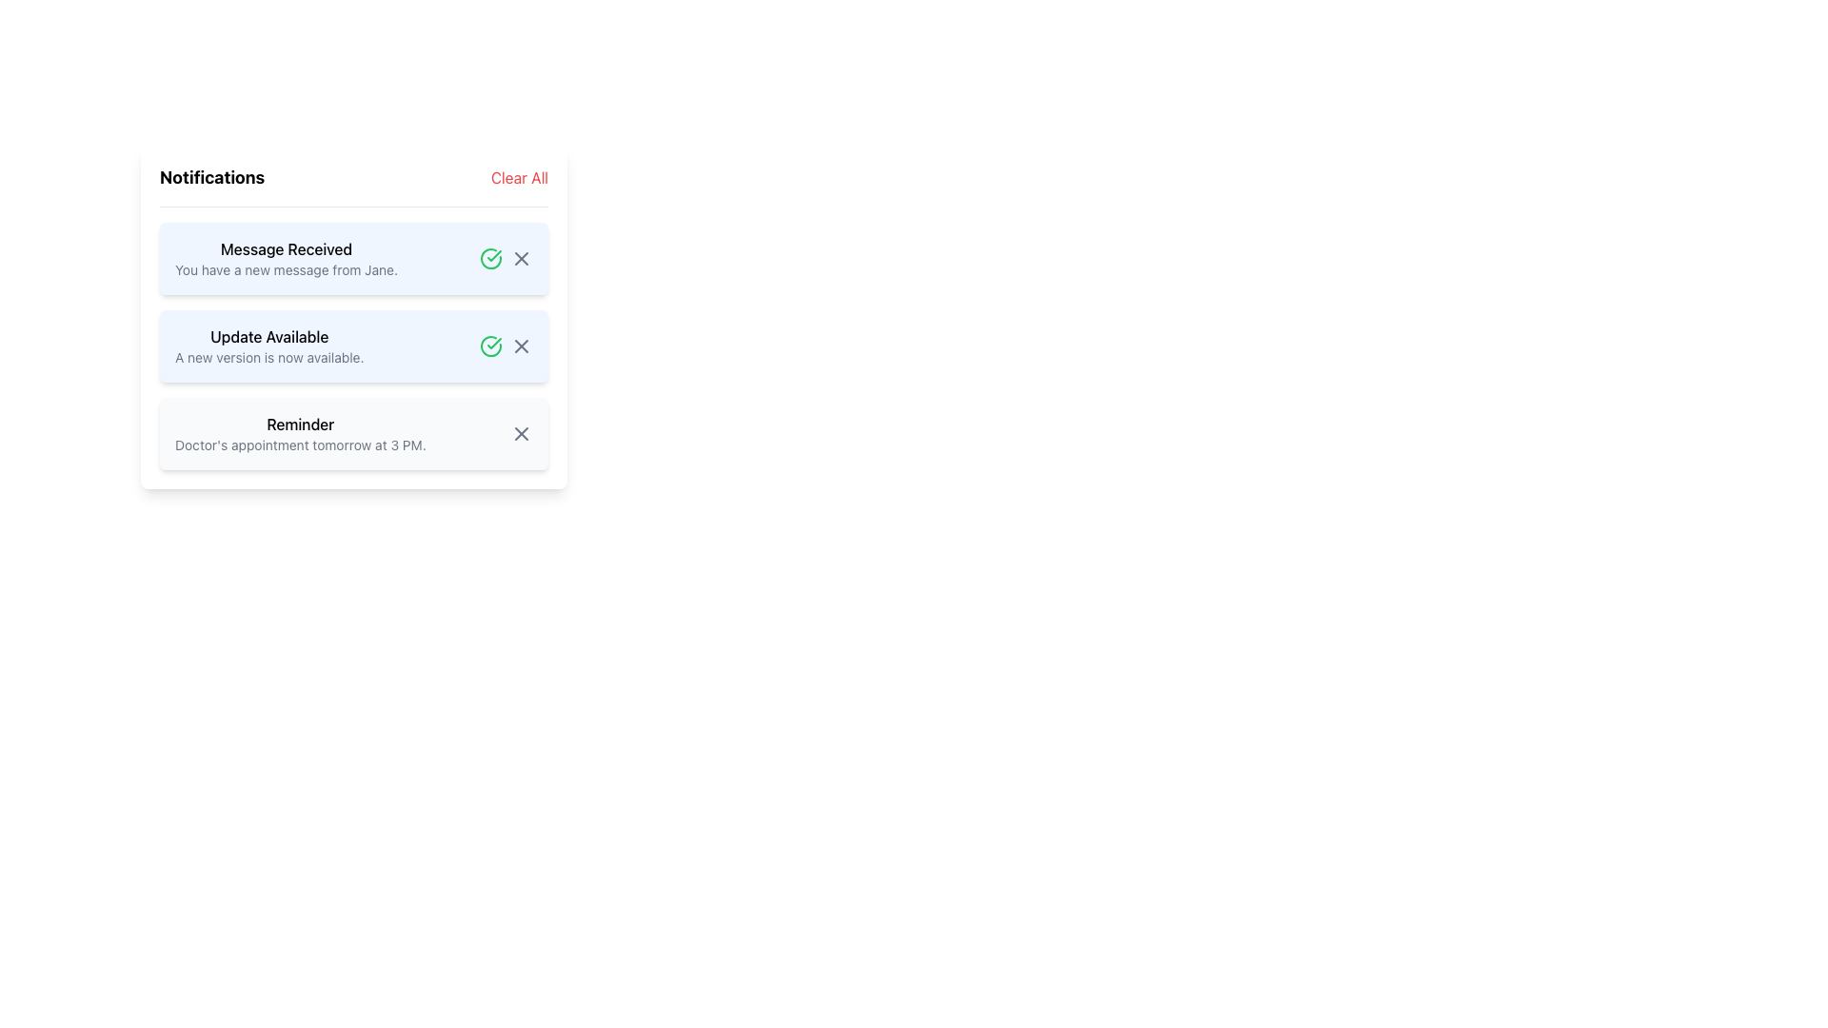 This screenshot has height=1028, width=1828. Describe the element at coordinates (286, 248) in the screenshot. I see `the interactive Text Label that serves as the title of the notification, positioned above the message 'You have a new message from Jane.'` at that location.